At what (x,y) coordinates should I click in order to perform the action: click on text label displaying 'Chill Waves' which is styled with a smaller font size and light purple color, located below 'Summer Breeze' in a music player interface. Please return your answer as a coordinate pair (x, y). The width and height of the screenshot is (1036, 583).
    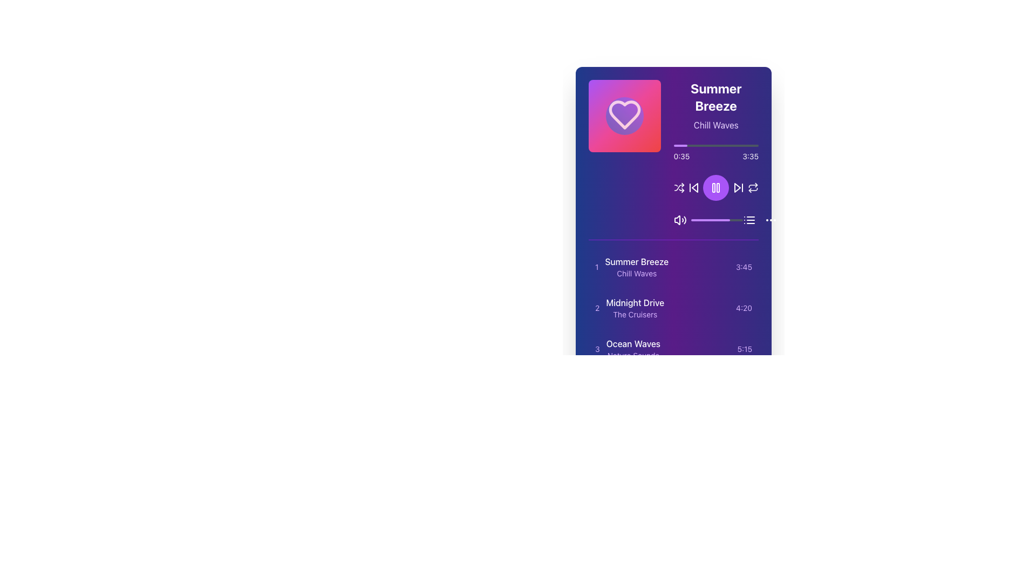
    Looking at the image, I should click on (637, 273).